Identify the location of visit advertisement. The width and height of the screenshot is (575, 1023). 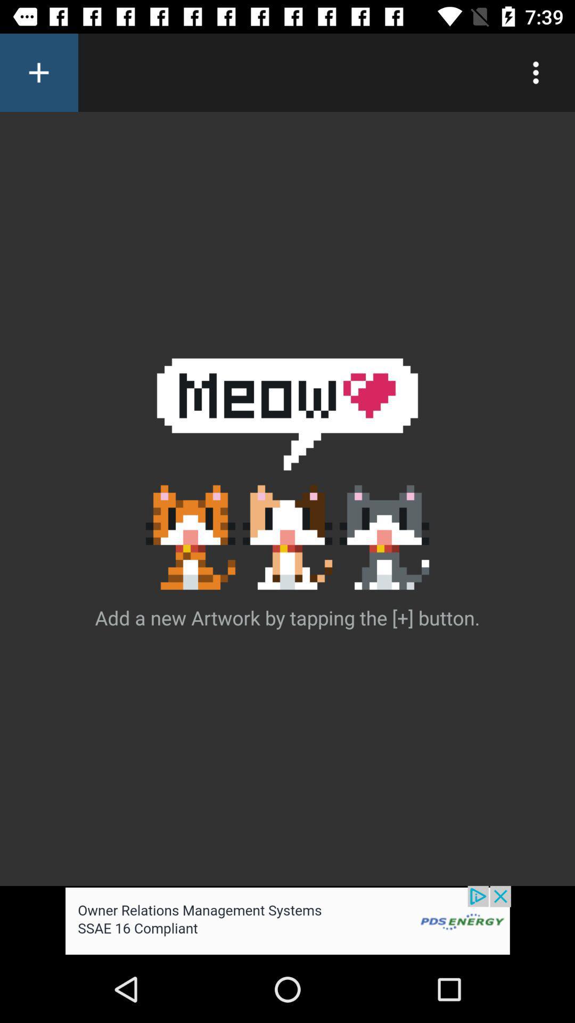
(287, 920).